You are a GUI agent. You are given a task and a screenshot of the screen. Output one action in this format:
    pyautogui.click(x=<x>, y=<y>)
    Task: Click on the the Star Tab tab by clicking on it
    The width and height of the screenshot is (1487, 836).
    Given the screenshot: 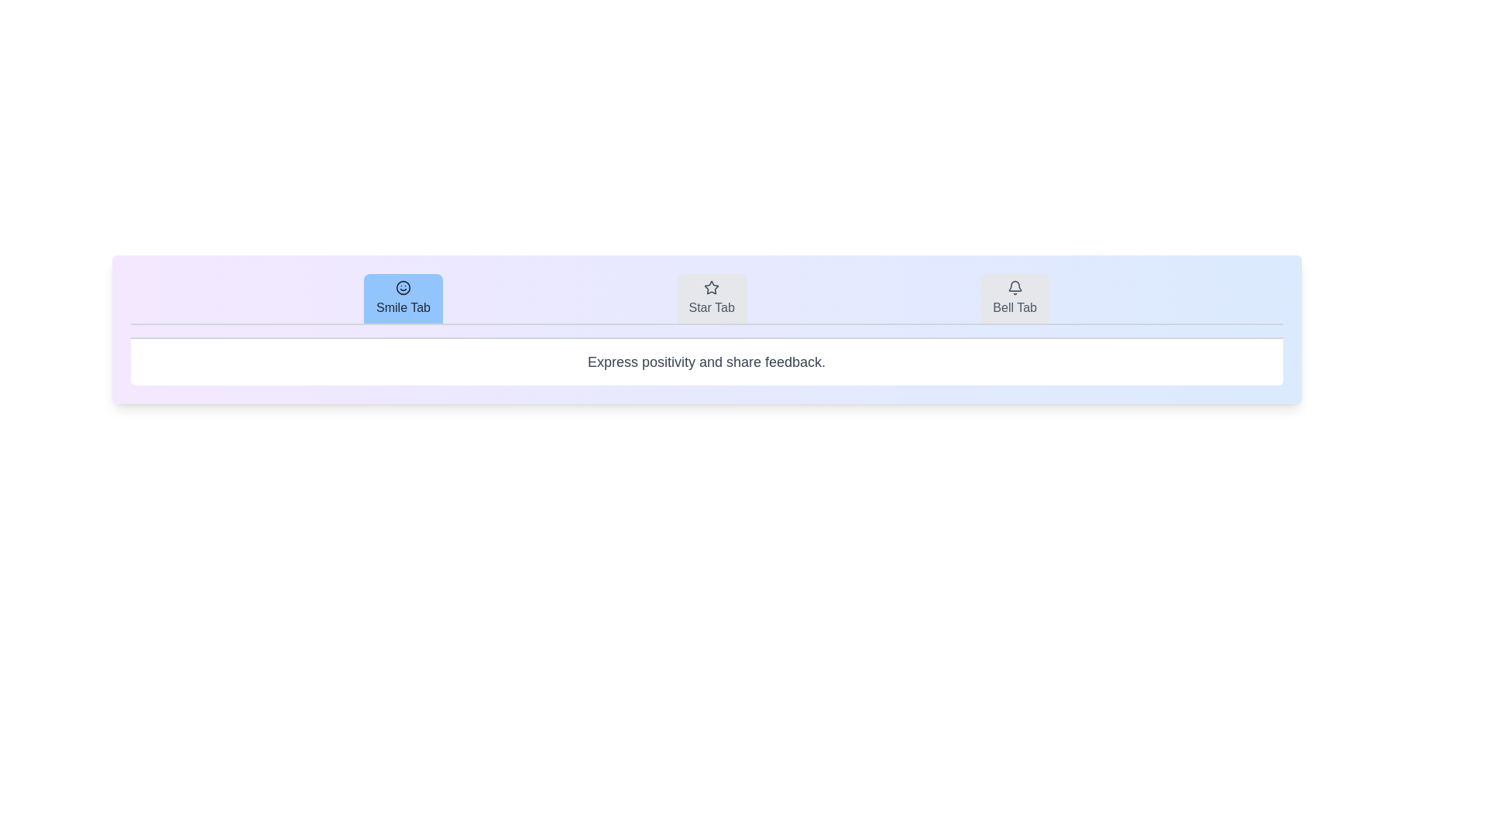 What is the action you would take?
    pyautogui.click(x=710, y=298)
    